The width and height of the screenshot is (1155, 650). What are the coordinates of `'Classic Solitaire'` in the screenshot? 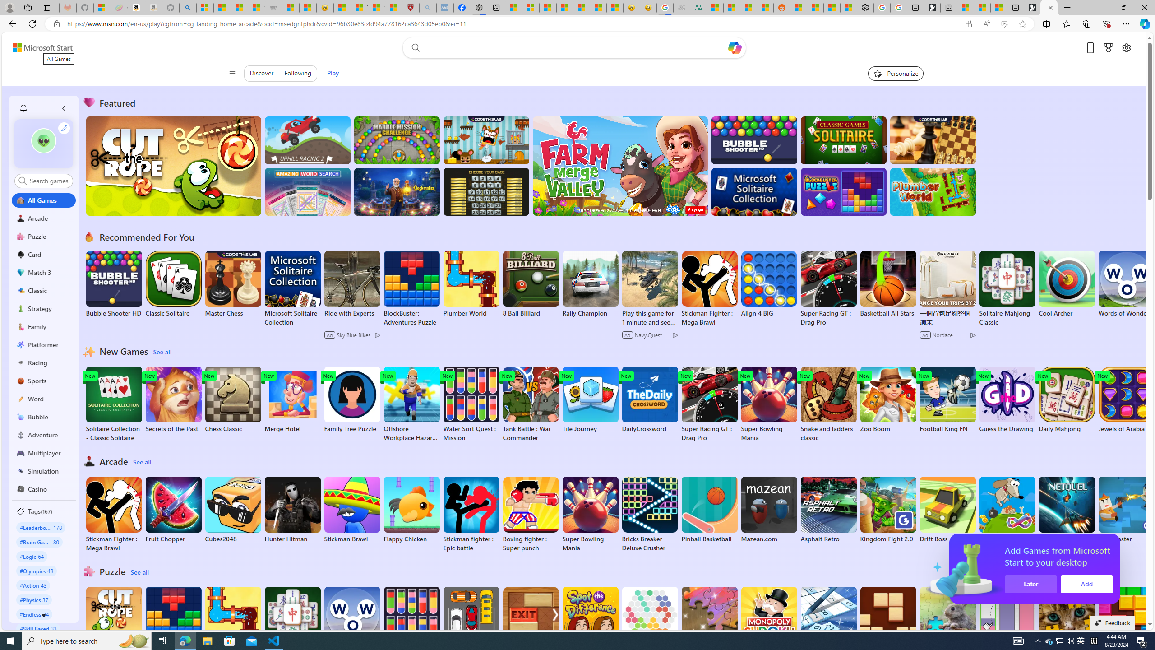 It's located at (173, 284).